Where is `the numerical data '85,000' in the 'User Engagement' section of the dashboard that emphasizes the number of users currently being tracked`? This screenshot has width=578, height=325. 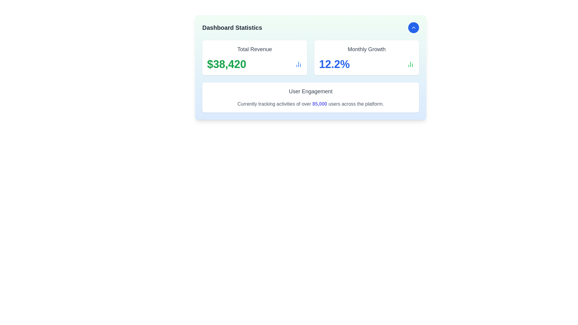 the numerical data '85,000' in the 'User Engagement' section of the dashboard that emphasizes the number of users currently being tracked is located at coordinates (319, 104).